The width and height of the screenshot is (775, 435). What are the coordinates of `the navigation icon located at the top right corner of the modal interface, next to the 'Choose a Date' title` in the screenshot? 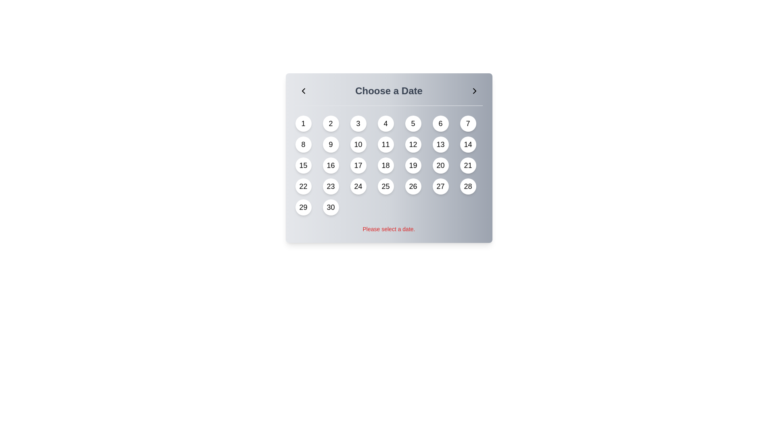 It's located at (474, 91).